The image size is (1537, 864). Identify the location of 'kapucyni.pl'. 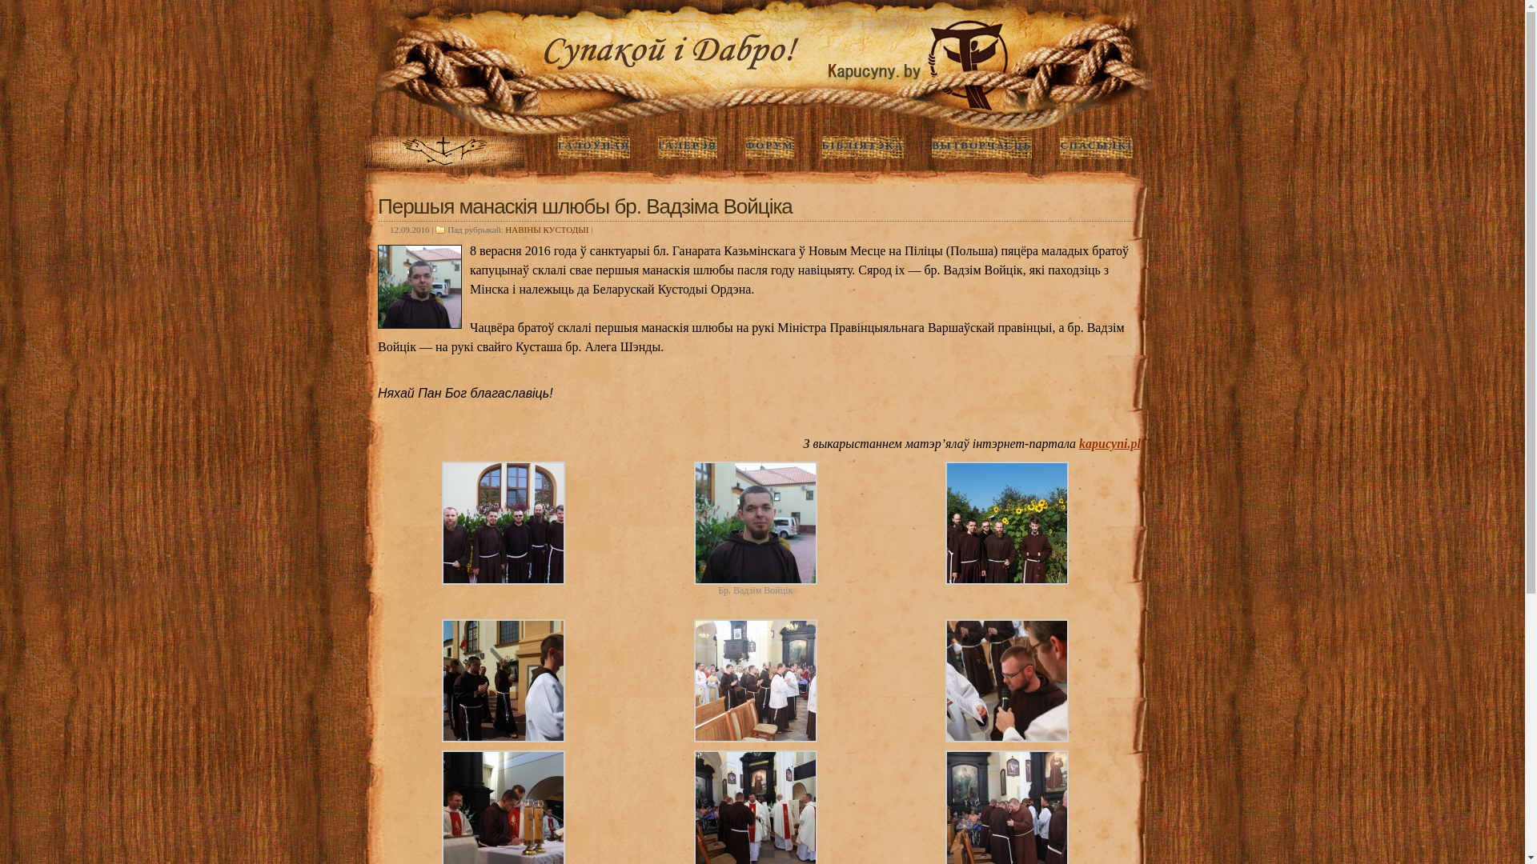
(1109, 443).